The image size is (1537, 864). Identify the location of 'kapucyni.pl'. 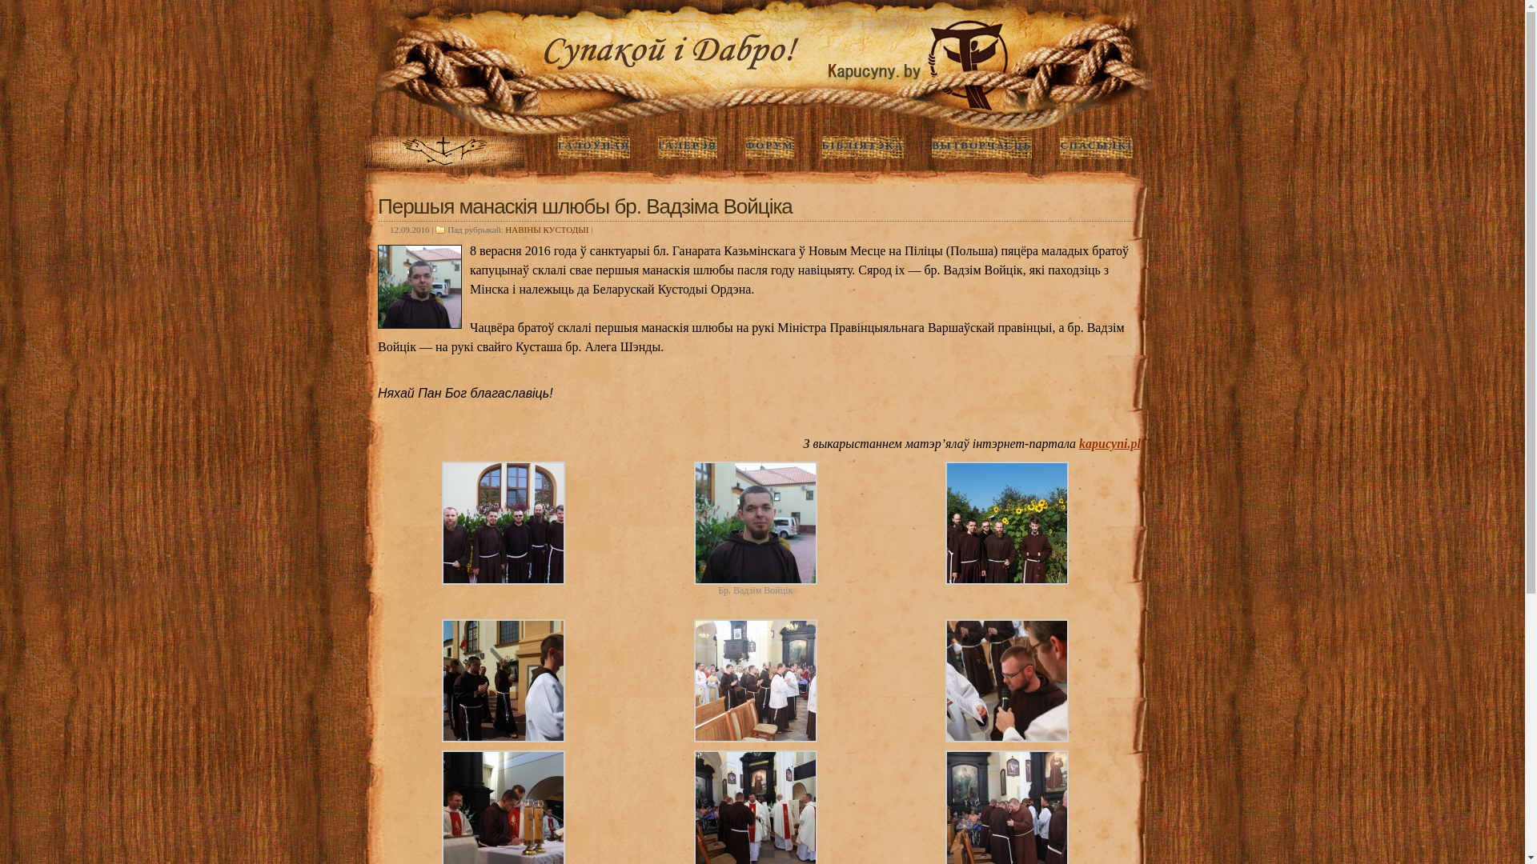
(1109, 443).